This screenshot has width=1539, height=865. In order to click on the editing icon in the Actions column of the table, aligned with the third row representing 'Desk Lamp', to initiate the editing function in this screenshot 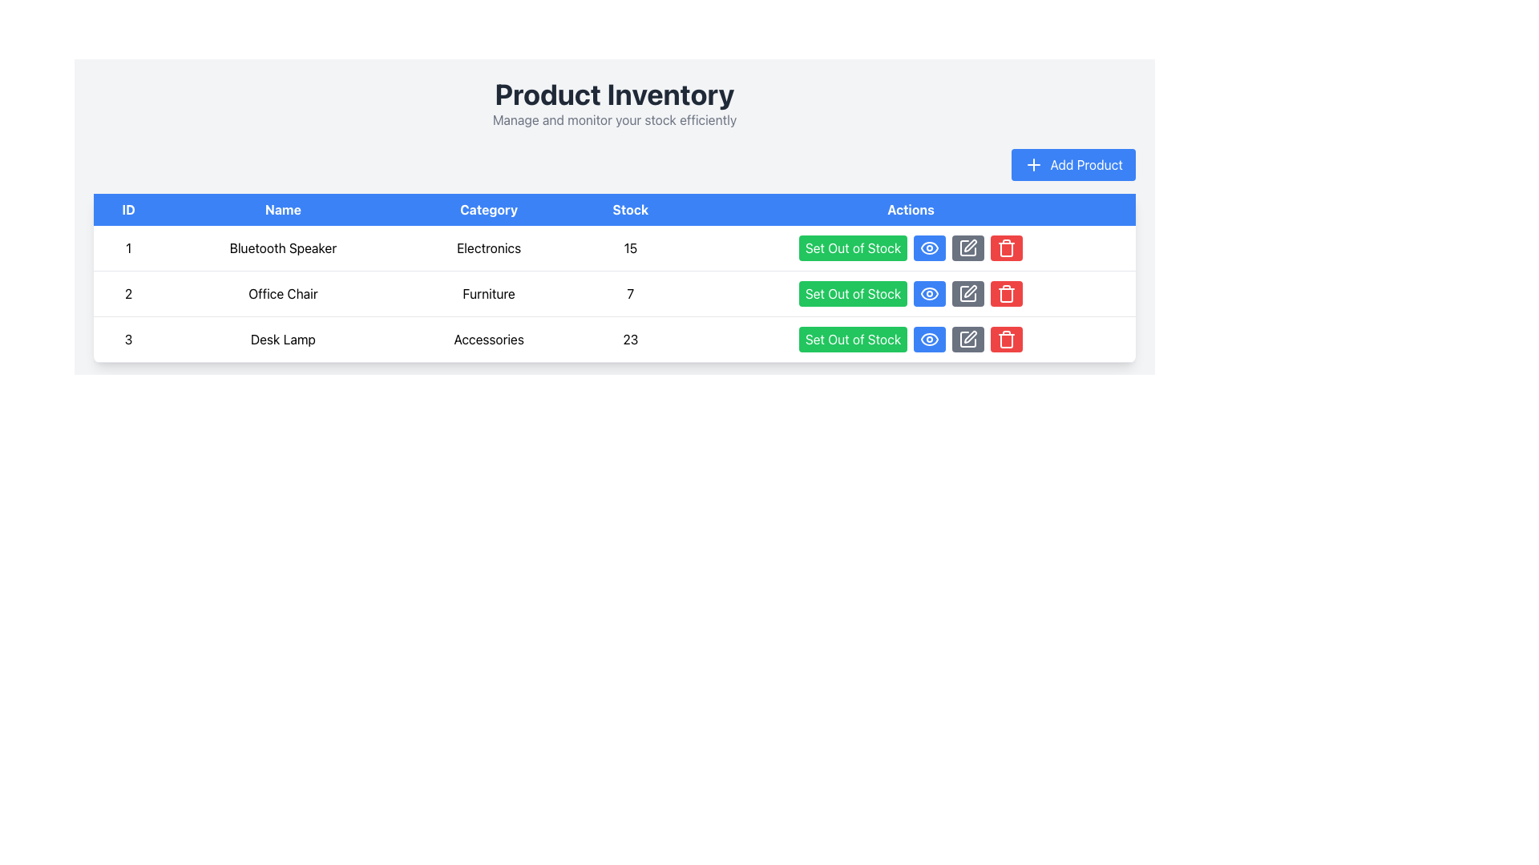, I will do `click(970, 336)`.